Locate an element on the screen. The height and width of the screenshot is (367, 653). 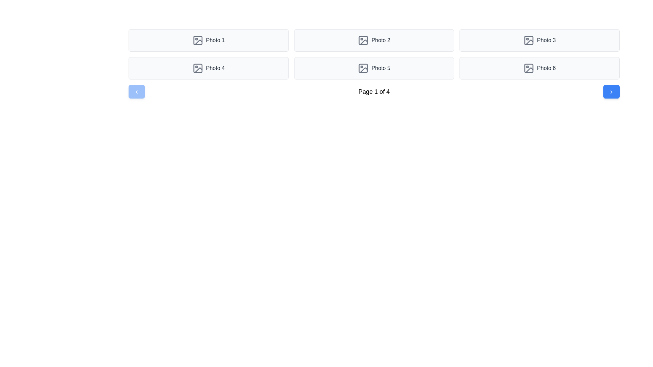
the 'Photo 2' button is located at coordinates (373, 40).